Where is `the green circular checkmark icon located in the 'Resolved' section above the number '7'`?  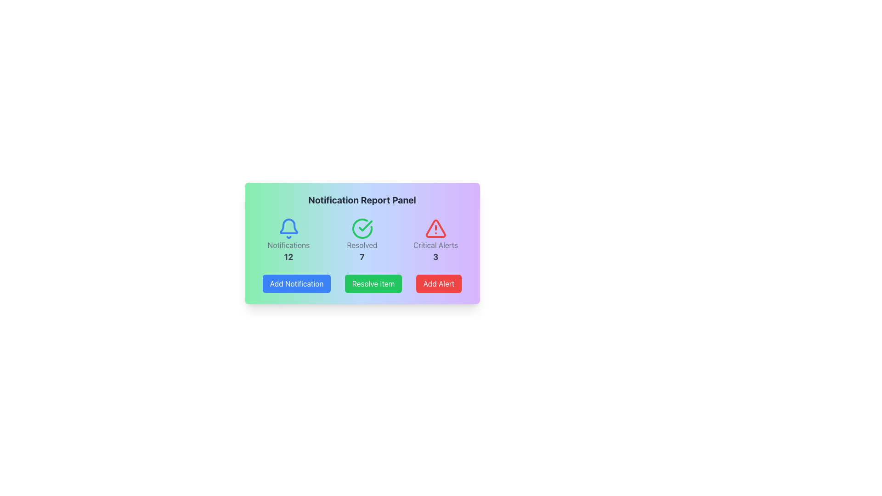
the green circular checkmark icon located in the 'Resolved' section above the number '7' is located at coordinates (362, 228).